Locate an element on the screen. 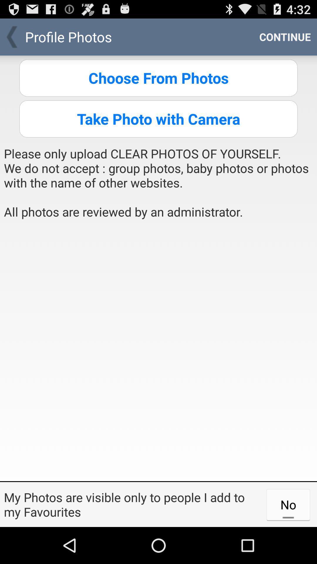  the app next to the profile photos app is located at coordinates (285, 36).